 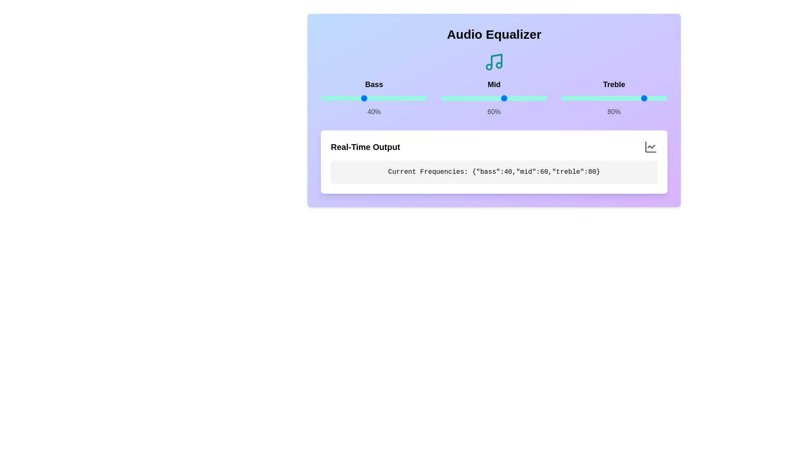 What do you see at coordinates (494, 62) in the screenshot?
I see `the audio-related icon in the 'Audio Equalizer' panel, centrally aligned between the 'Bass' and 'Treble' text elements` at bounding box center [494, 62].